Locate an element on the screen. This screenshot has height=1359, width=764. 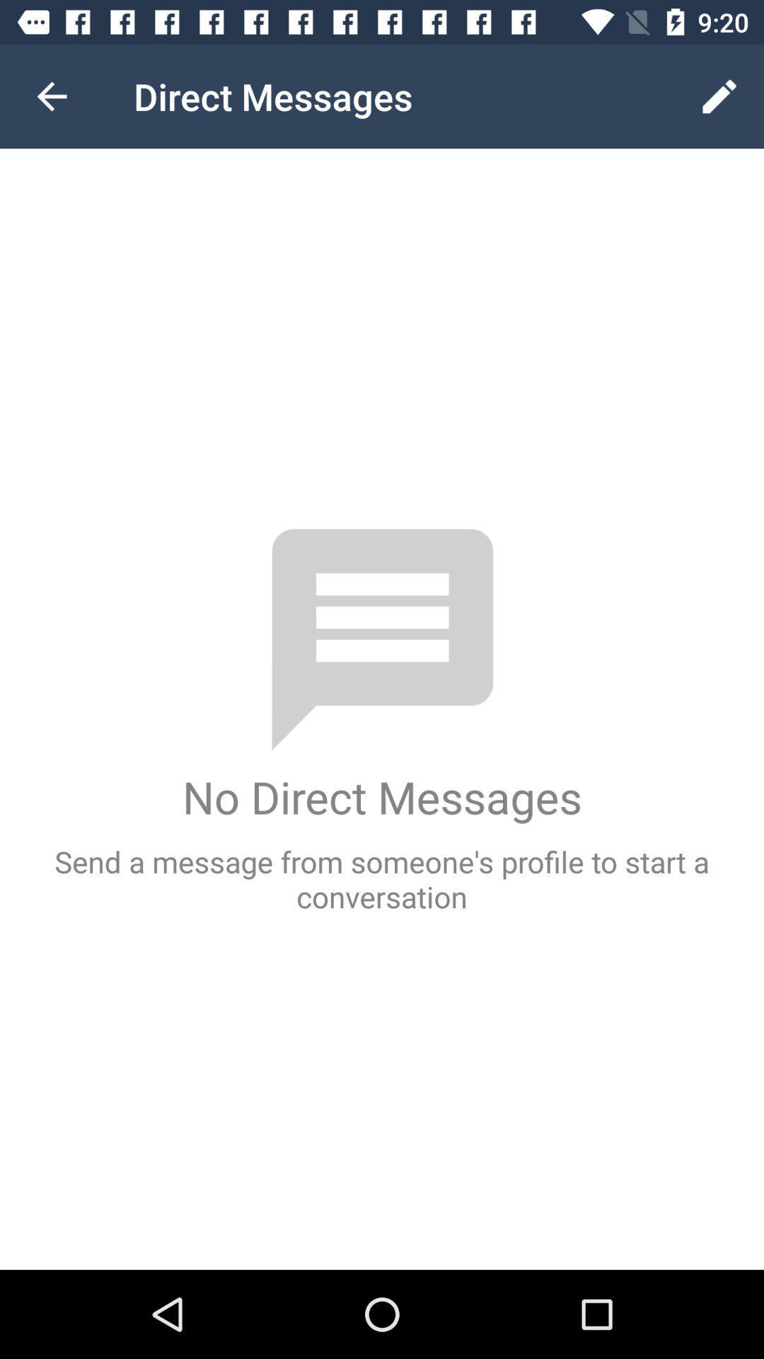
item at the top right corner is located at coordinates (719, 96).